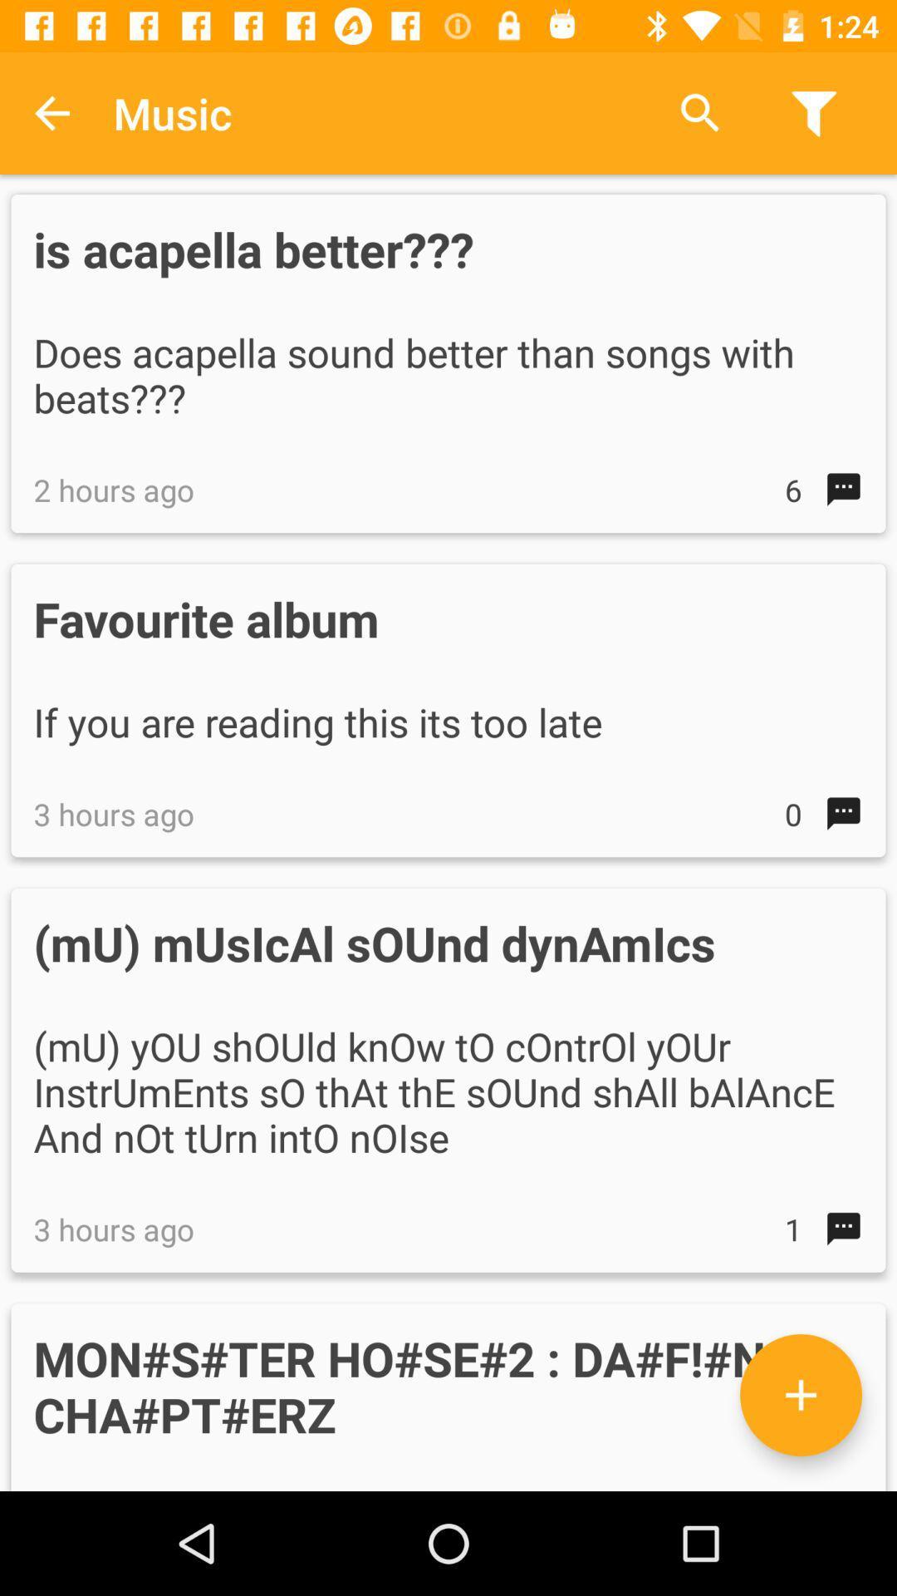 The height and width of the screenshot is (1596, 897). Describe the element at coordinates (800, 1395) in the screenshot. I see `icon below 1` at that location.